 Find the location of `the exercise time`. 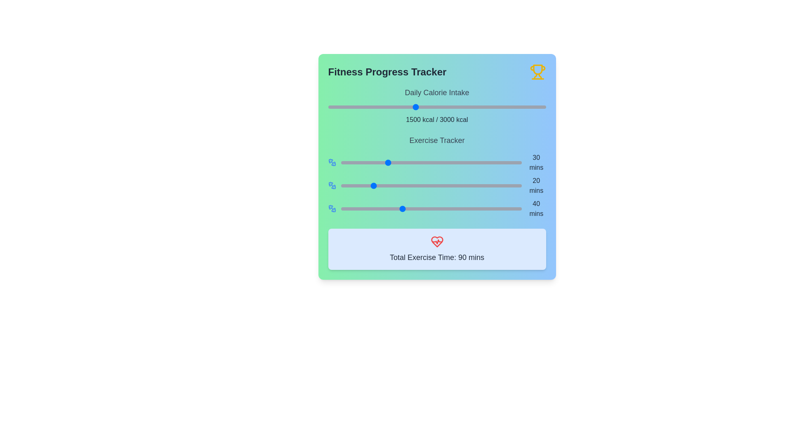

the exercise time is located at coordinates (368, 162).